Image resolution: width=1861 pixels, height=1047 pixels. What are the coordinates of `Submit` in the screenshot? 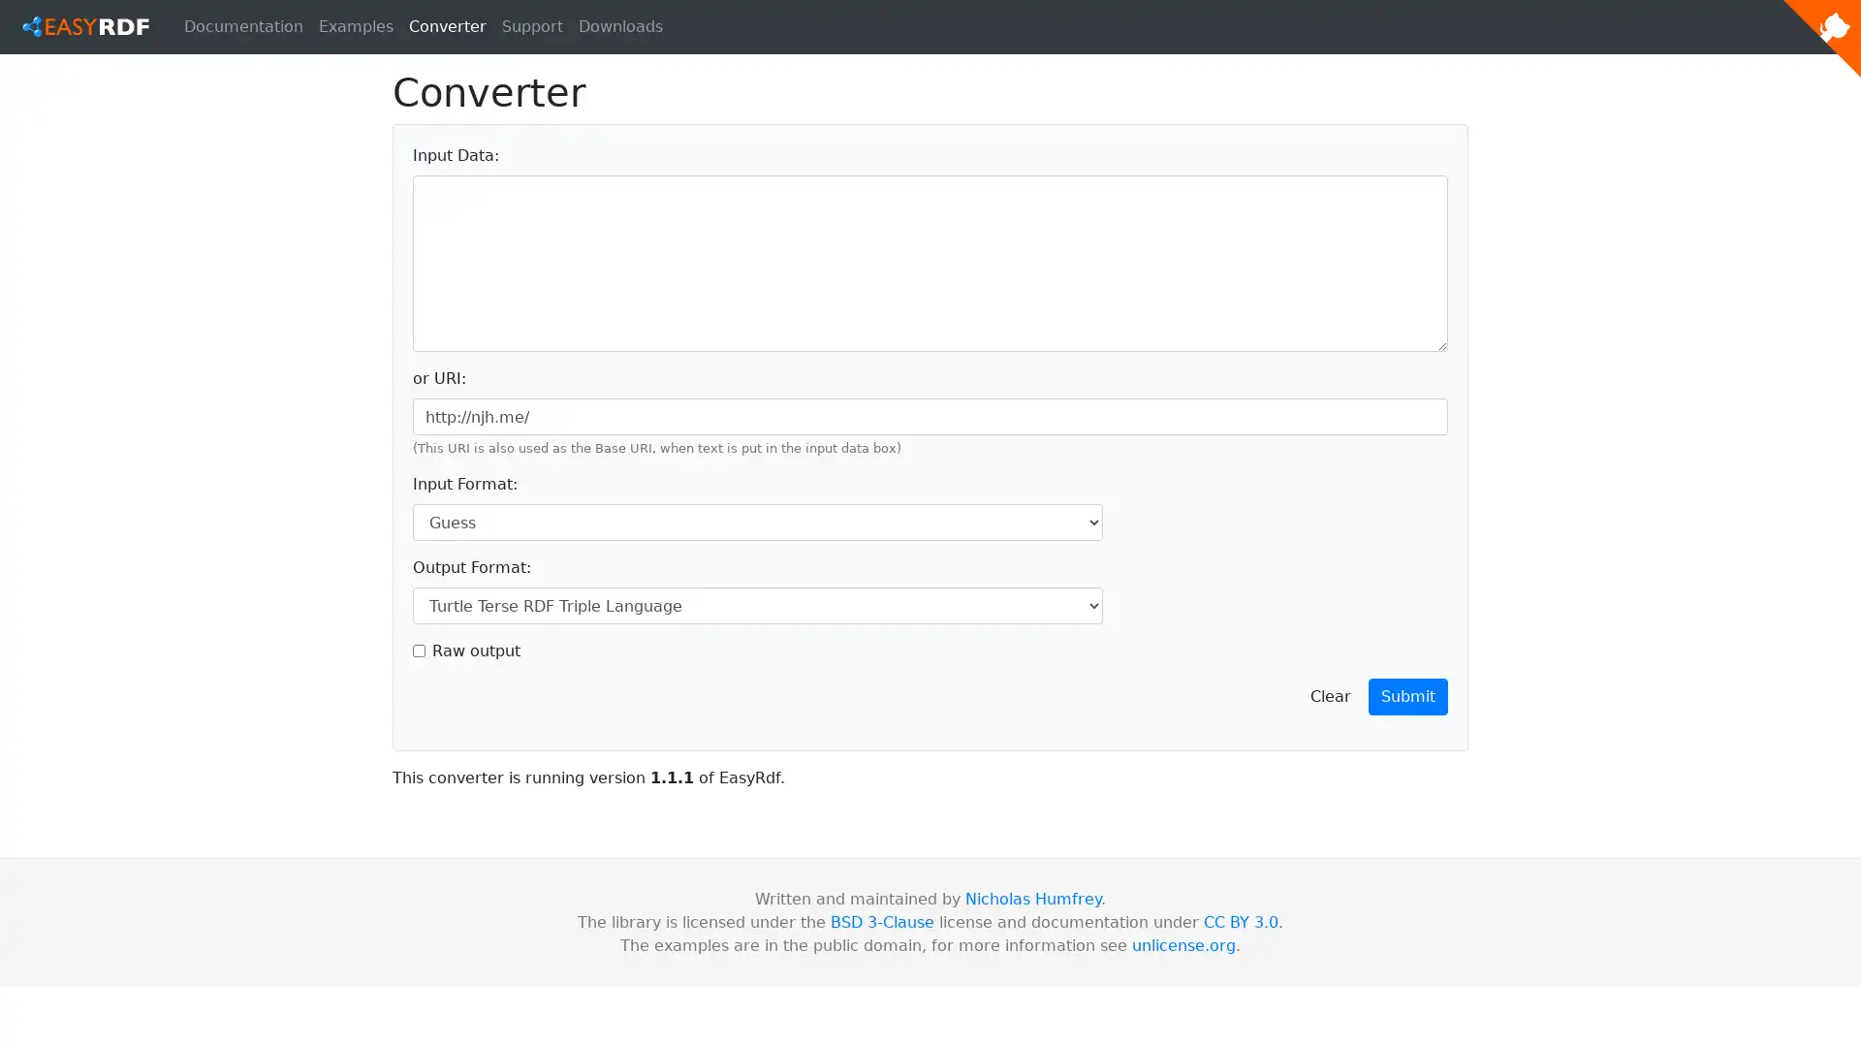 It's located at (1408, 695).